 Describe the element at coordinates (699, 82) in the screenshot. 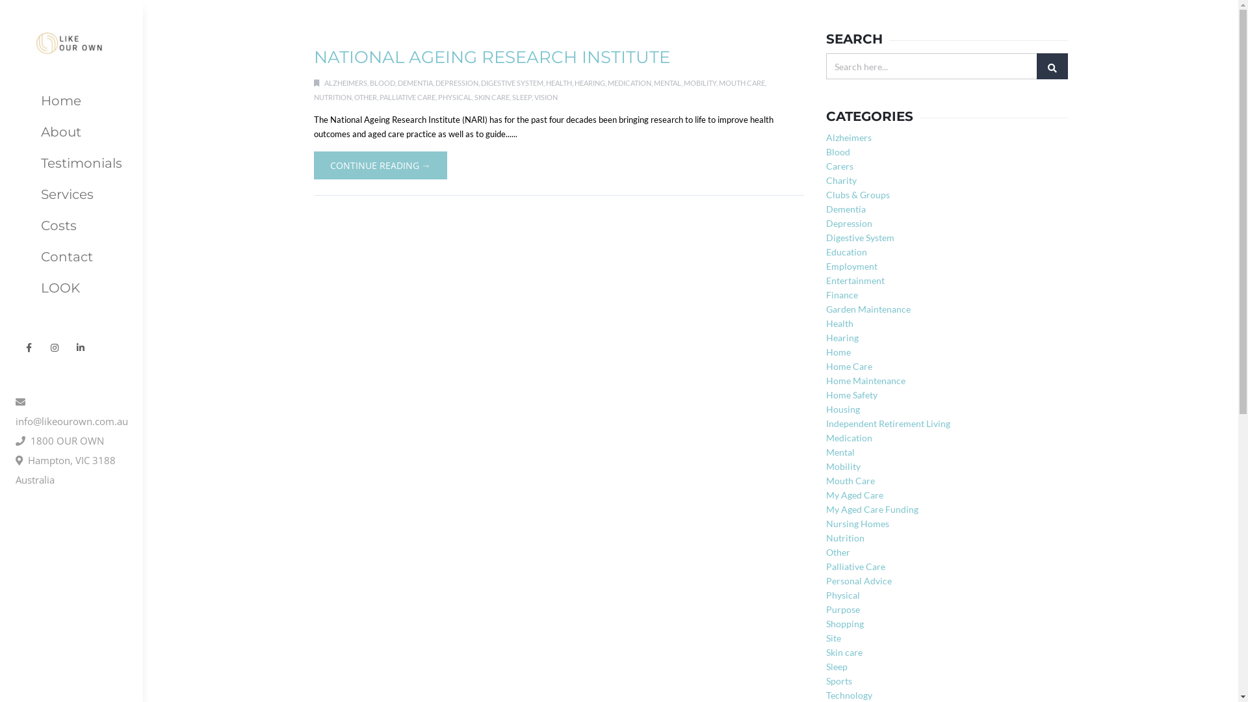

I see `'MOBILITY'` at that location.